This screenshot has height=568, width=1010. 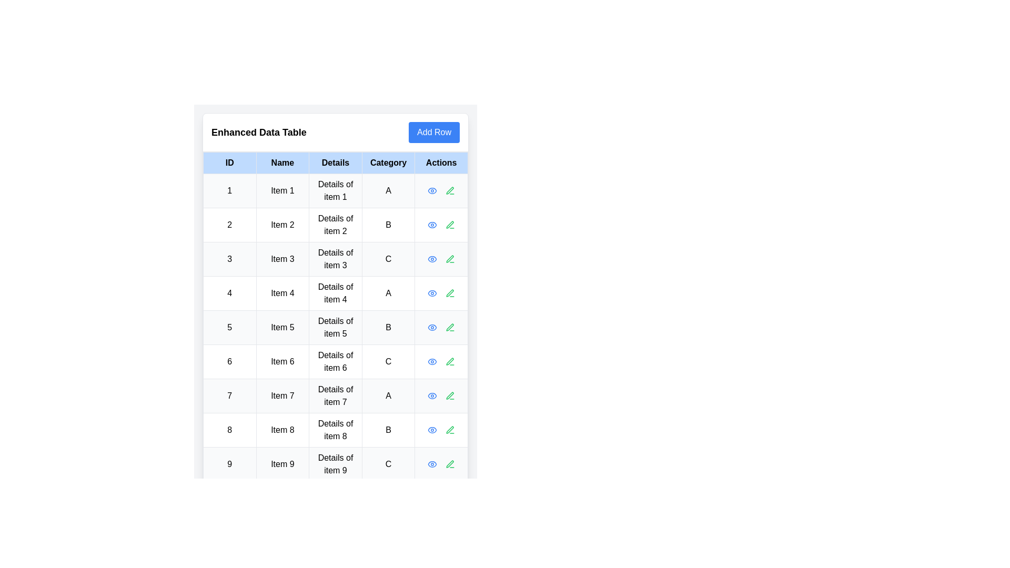 I want to click on the Icon button in the 'Actions' column of the fourth row, so click(x=450, y=293).